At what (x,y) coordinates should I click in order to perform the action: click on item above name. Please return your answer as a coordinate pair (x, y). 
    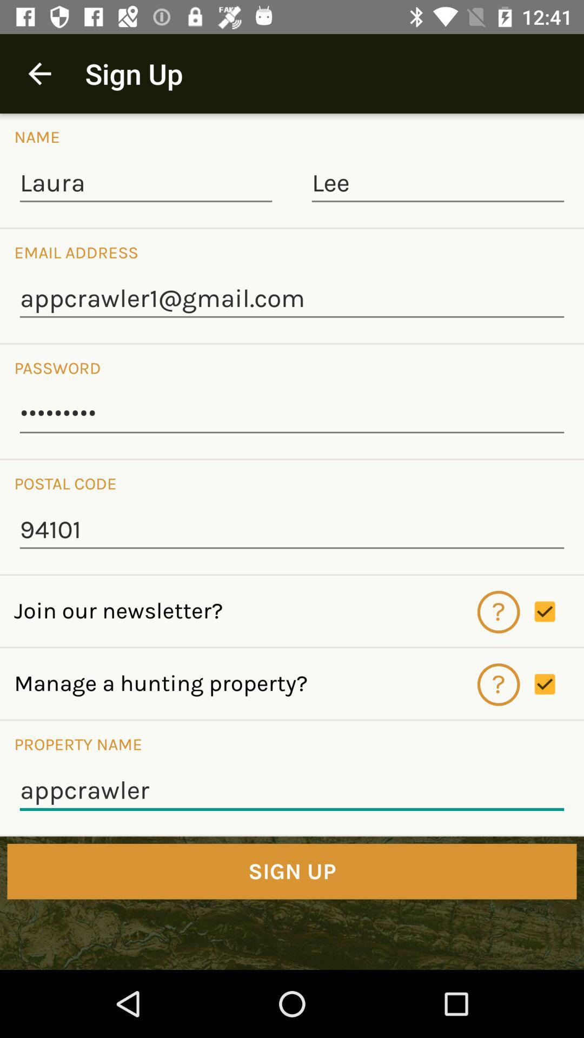
    Looking at the image, I should click on (39, 73).